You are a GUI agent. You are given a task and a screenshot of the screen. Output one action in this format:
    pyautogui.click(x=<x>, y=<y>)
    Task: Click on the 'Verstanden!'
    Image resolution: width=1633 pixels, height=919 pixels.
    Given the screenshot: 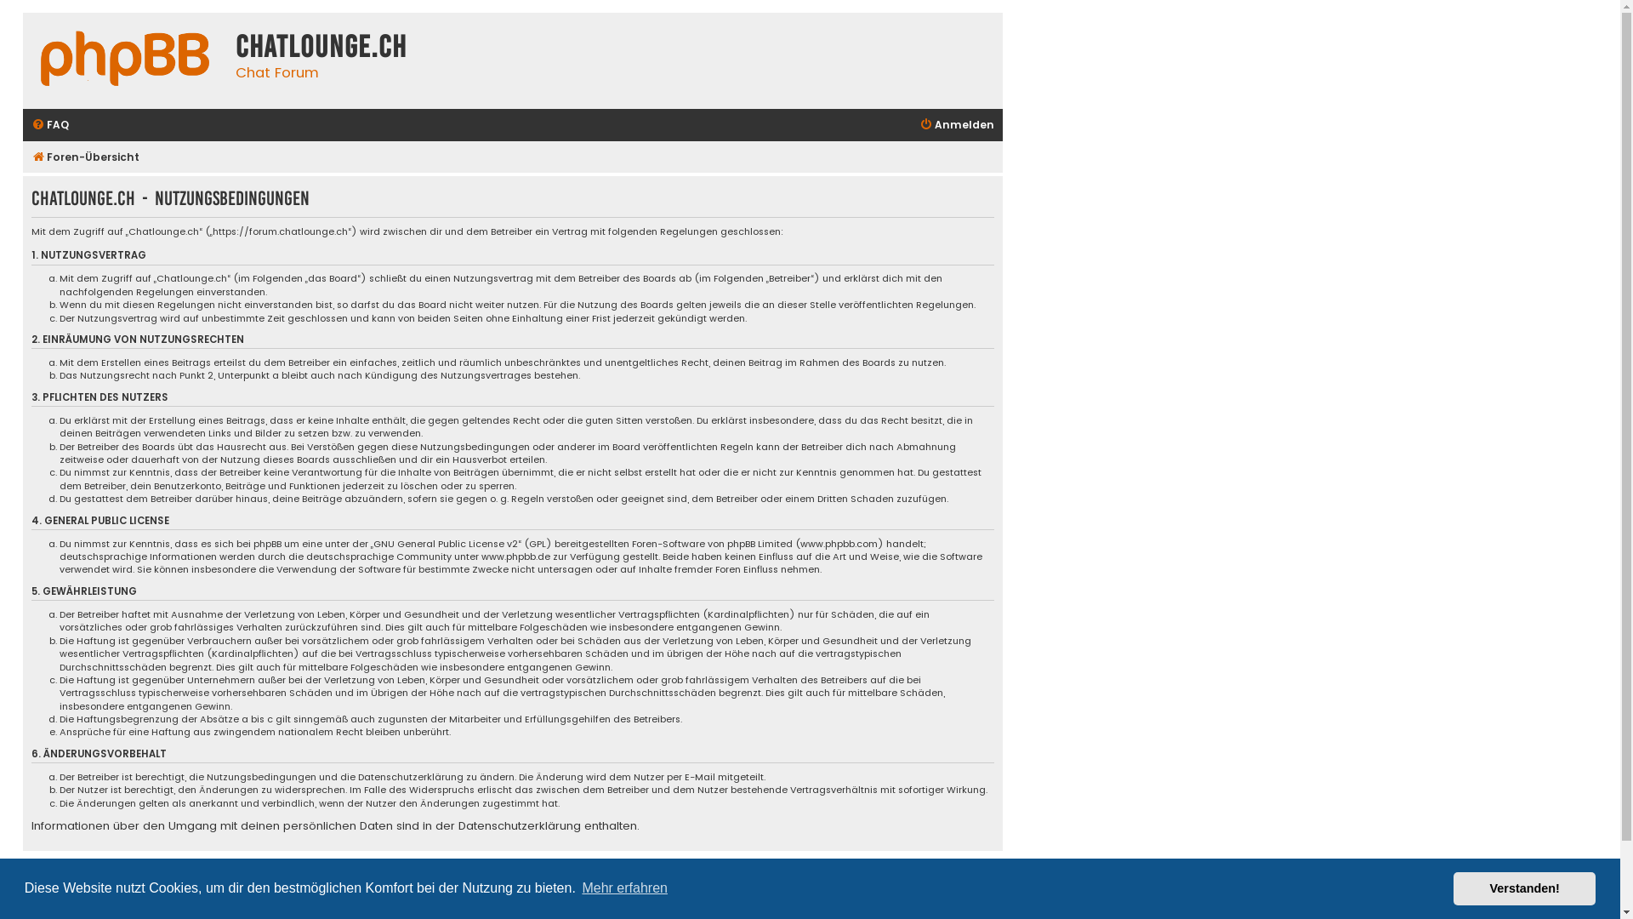 What is the action you would take?
    pyautogui.click(x=1524, y=888)
    